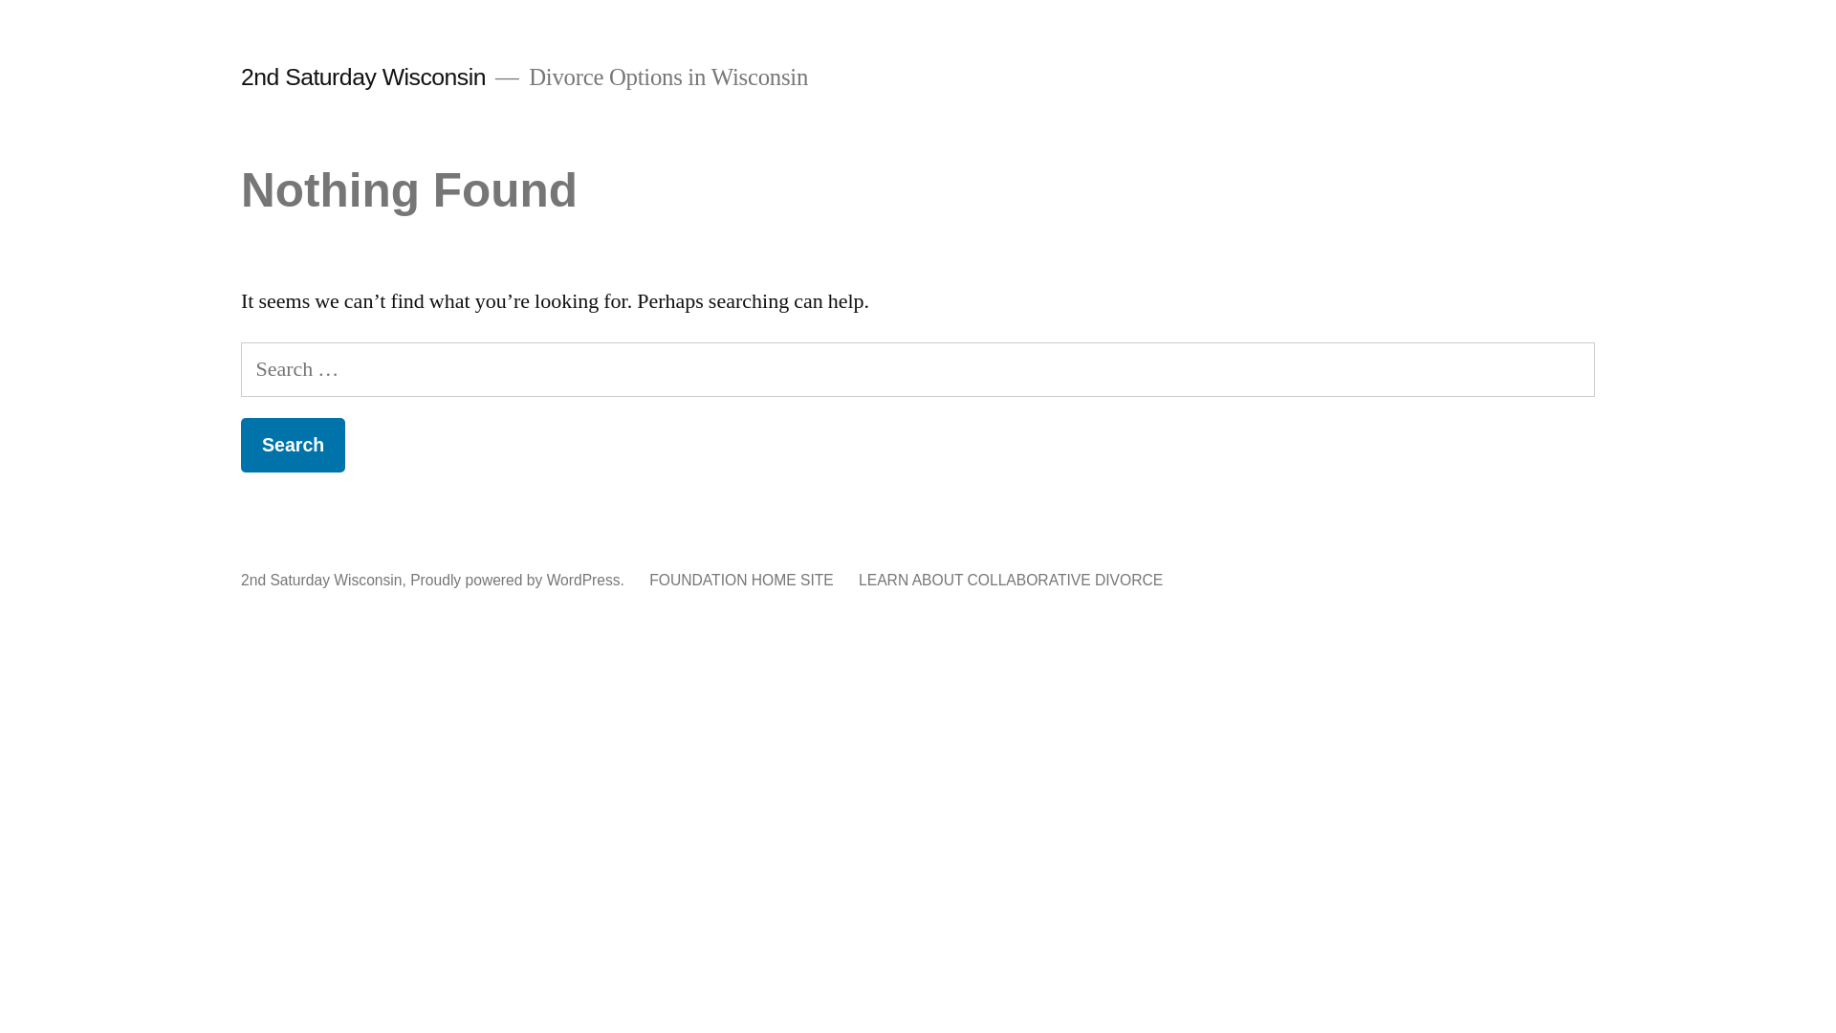 Image resolution: width=1836 pixels, height=1033 pixels. Describe the element at coordinates (518, 579) in the screenshot. I see `'Proudly powered by WordPress.'` at that location.